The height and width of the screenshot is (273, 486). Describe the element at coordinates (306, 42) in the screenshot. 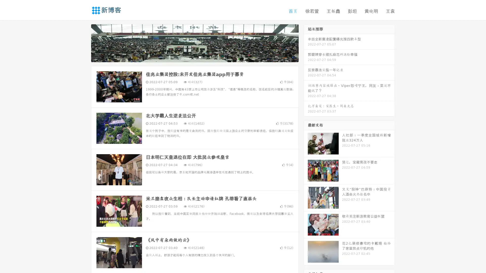

I see `Next slide` at that location.